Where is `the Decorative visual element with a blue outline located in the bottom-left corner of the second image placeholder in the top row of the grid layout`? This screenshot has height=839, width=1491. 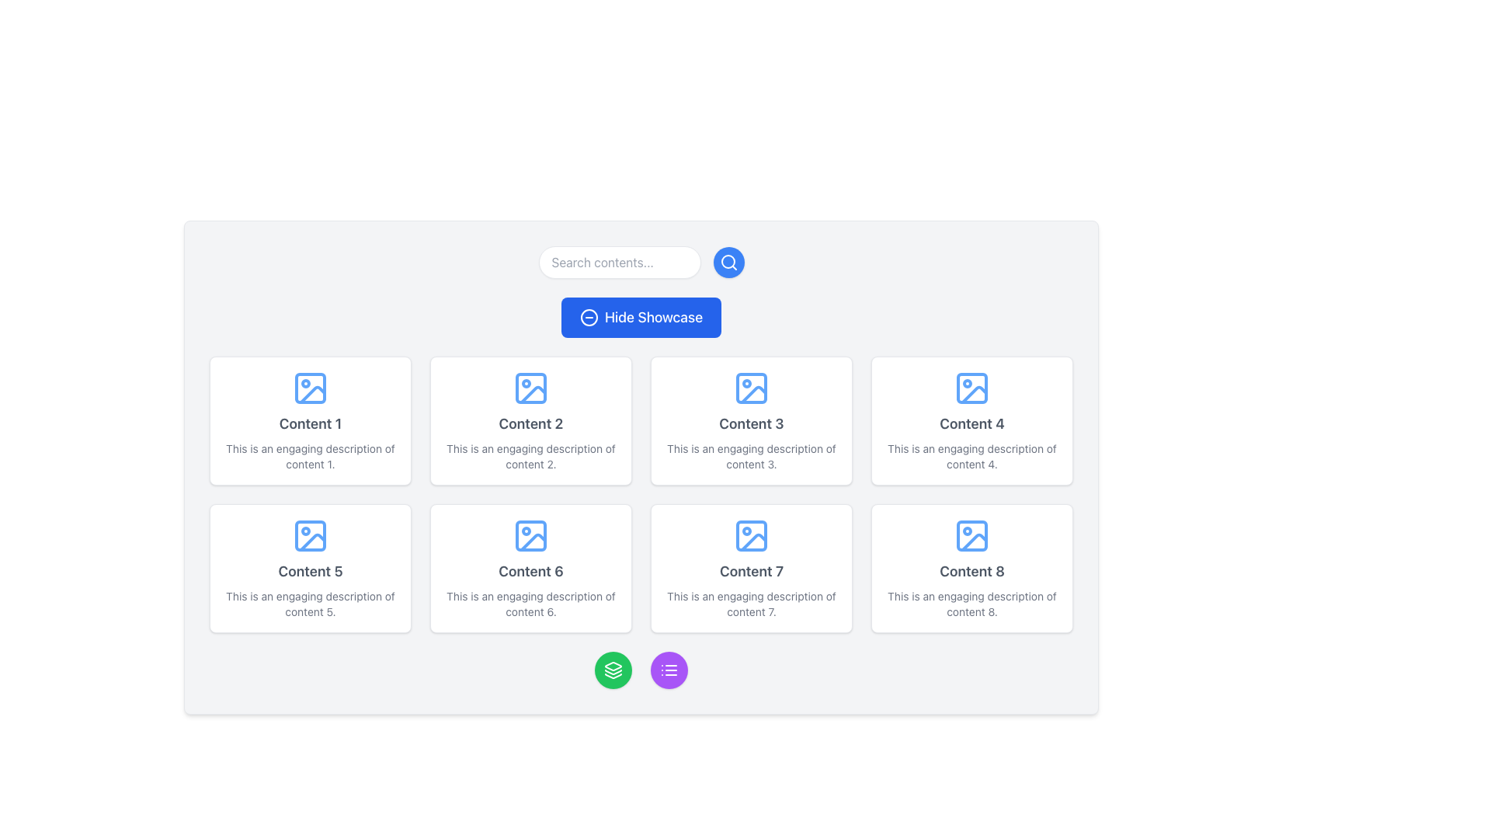 the Decorative visual element with a blue outline located in the bottom-left corner of the second image placeholder in the top row of the grid layout is located at coordinates (533, 394).